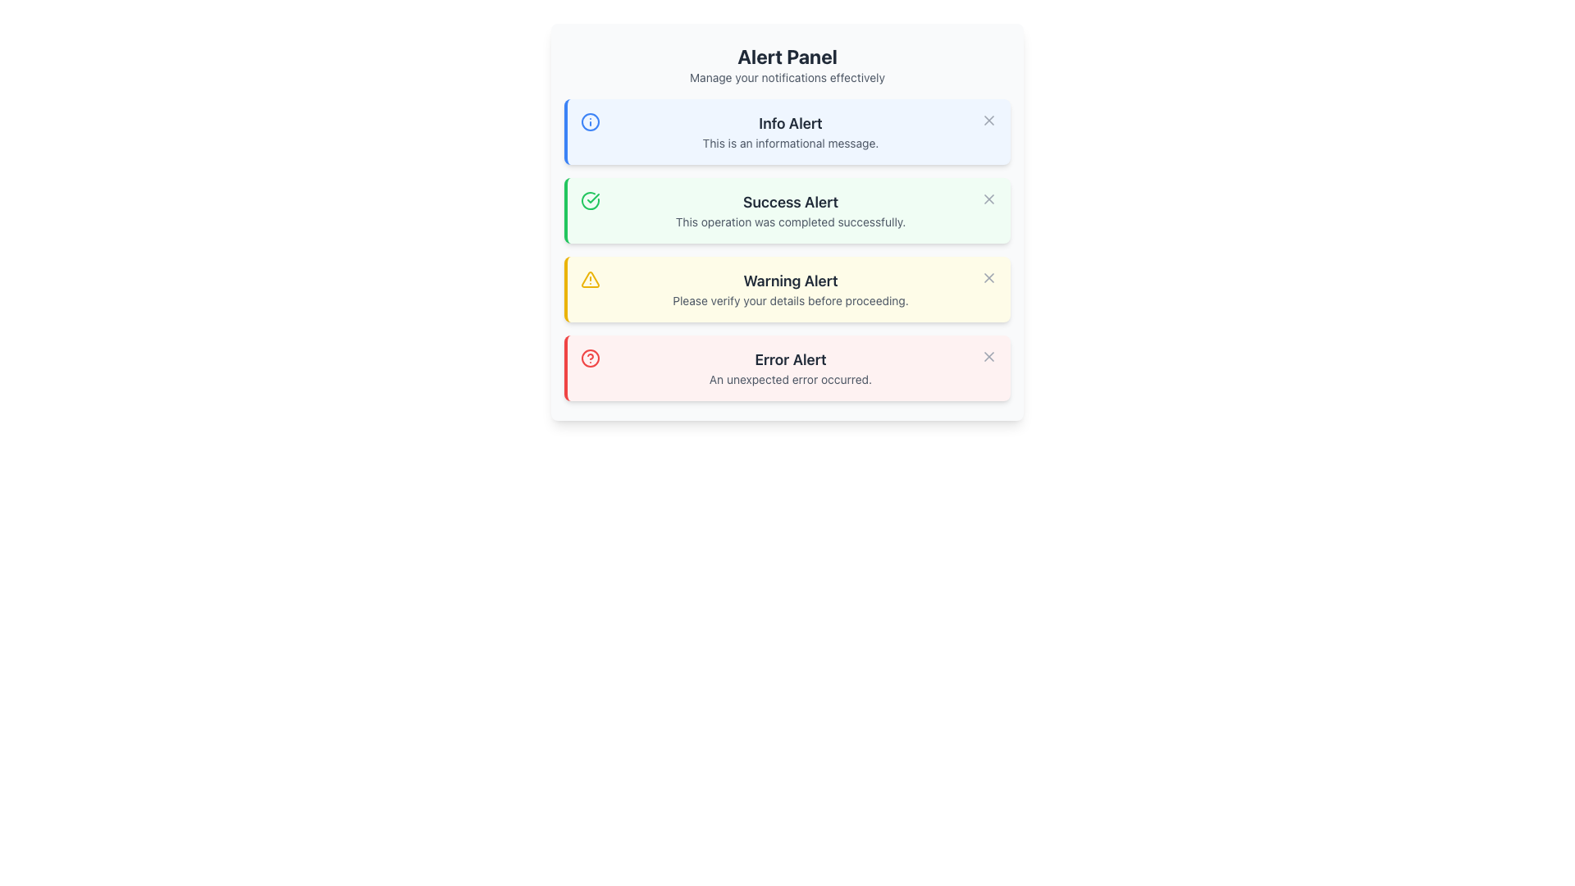  I want to click on the dismiss icon located in the top-right corner of the 'Success Alert' box, so click(988, 199).